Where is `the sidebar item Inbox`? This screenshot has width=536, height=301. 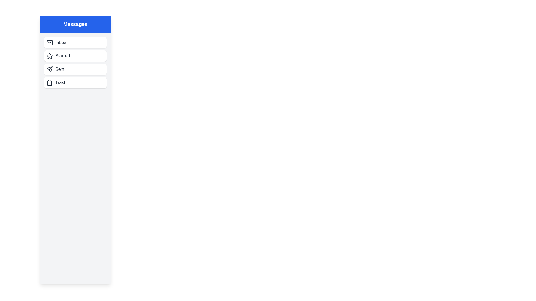 the sidebar item Inbox is located at coordinates (75, 42).